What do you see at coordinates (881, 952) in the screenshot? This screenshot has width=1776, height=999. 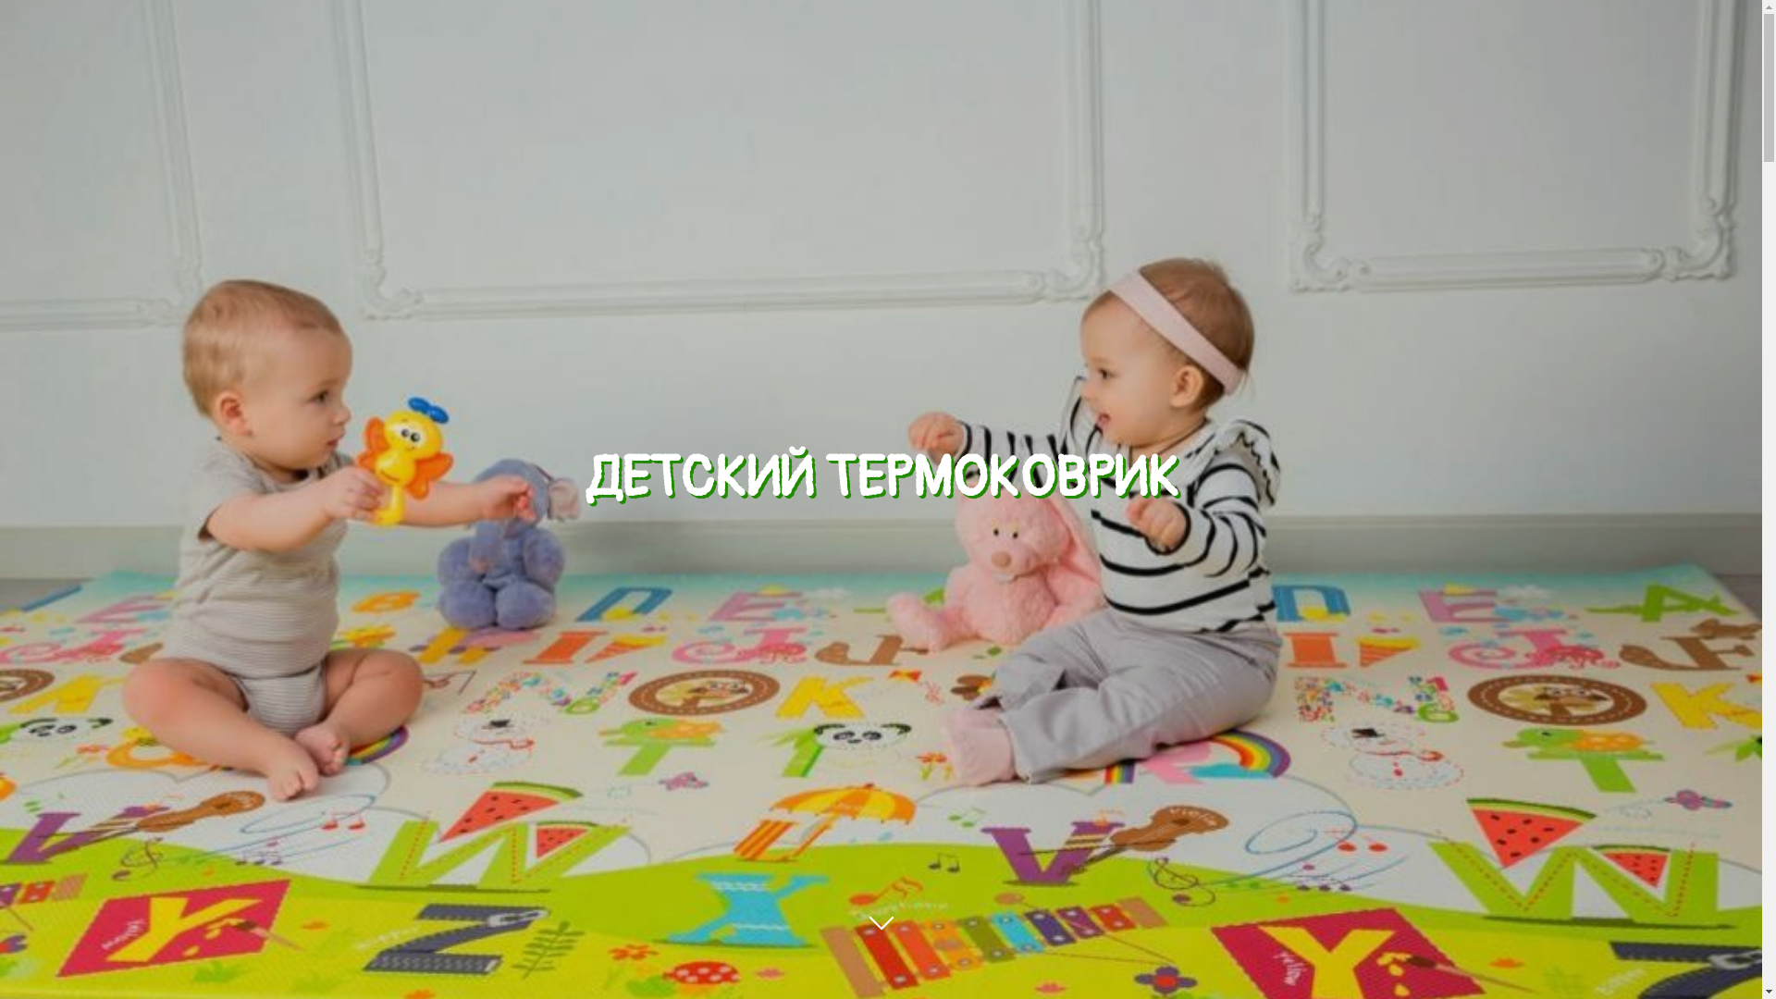 I see `'Get started'` at bounding box center [881, 952].